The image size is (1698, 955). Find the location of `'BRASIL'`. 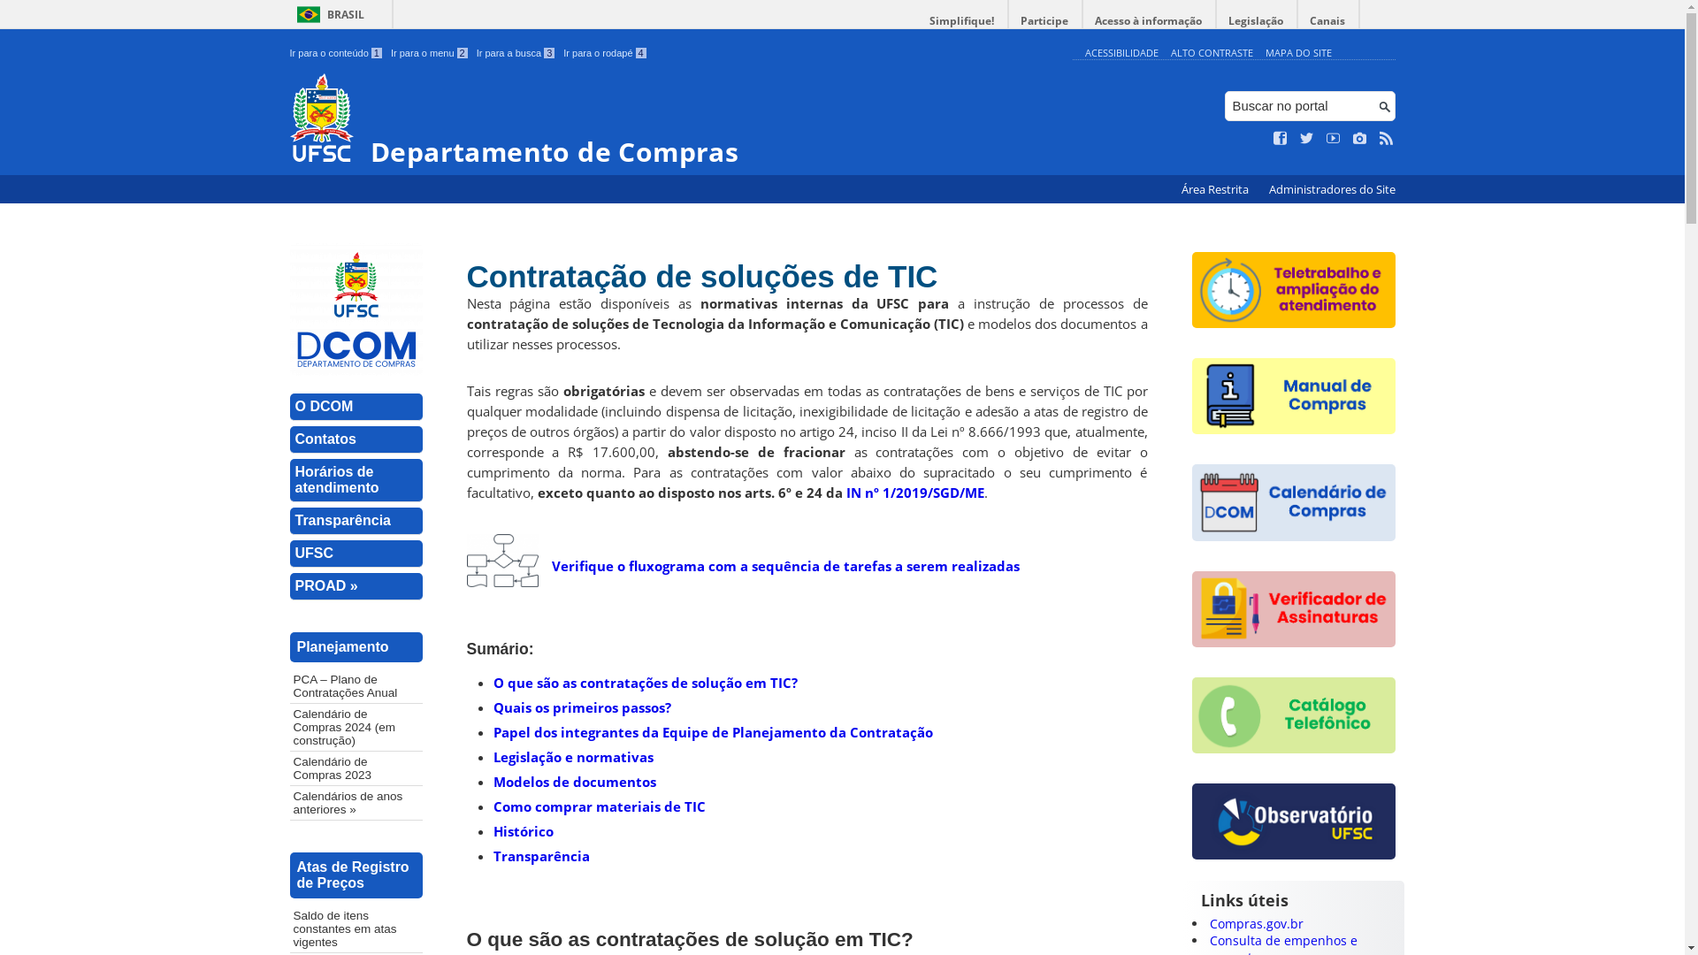

'BRASIL' is located at coordinates (327, 14).